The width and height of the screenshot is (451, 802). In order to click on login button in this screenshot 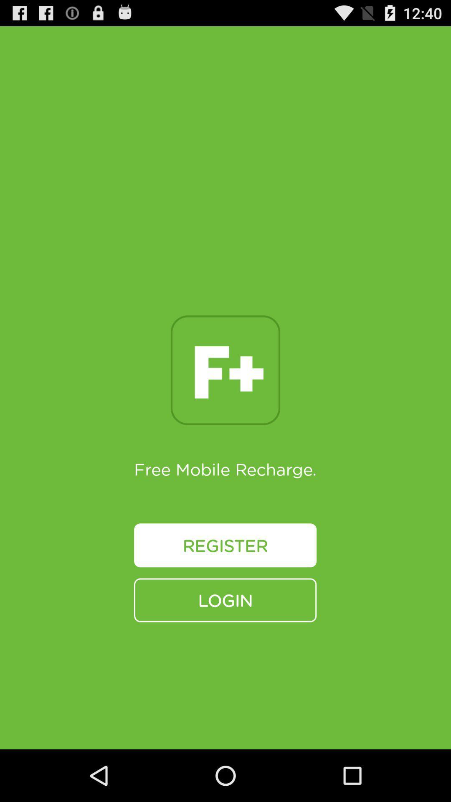, I will do `click(225, 599)`.